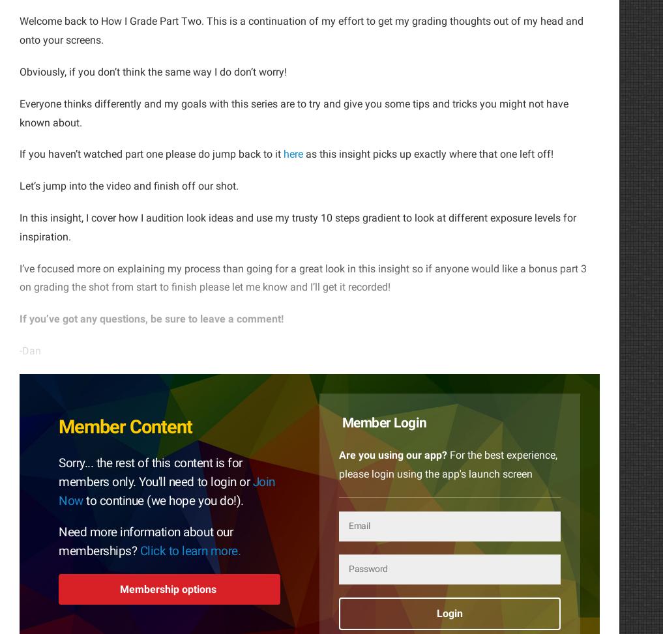 This screenshot has width=663, height=634. What do you see at coordinates (145, 541) in the screenshot?
I see `'Need more information about our memberships?'` at bounding box center [145, 541].